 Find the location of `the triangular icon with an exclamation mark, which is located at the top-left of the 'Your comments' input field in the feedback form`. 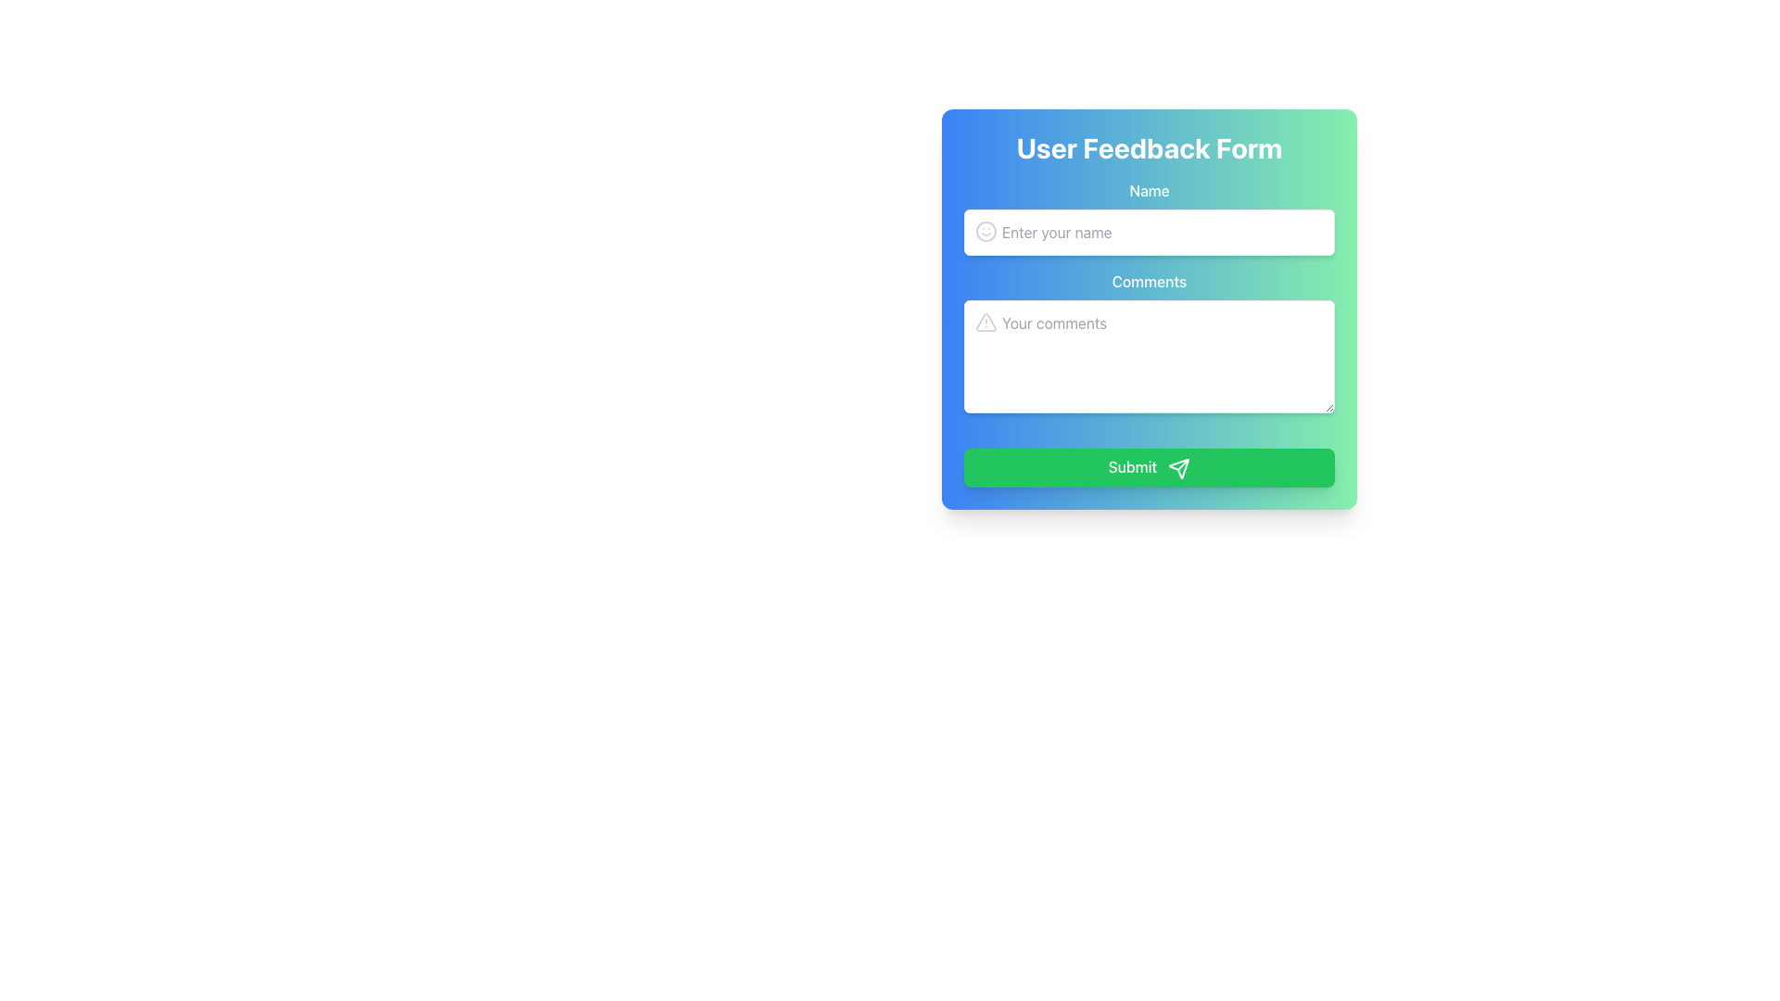

the triangular icon with an exclamation mark, which is located at the top-left of the 'Your comments' input field in the feedback form is located at coordinates (985, 321).